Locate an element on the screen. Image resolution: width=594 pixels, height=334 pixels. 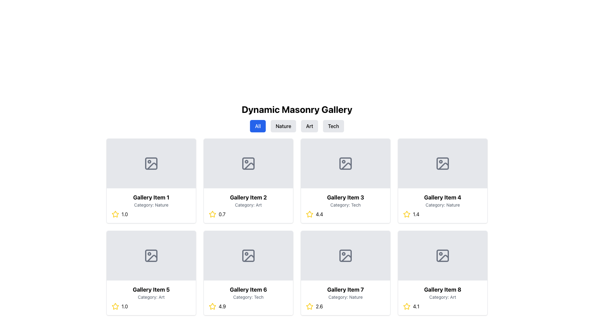
the rectangular button with rounded corners that has a solid blue background and white text reading 'All' is located at coordinates (258, 126).